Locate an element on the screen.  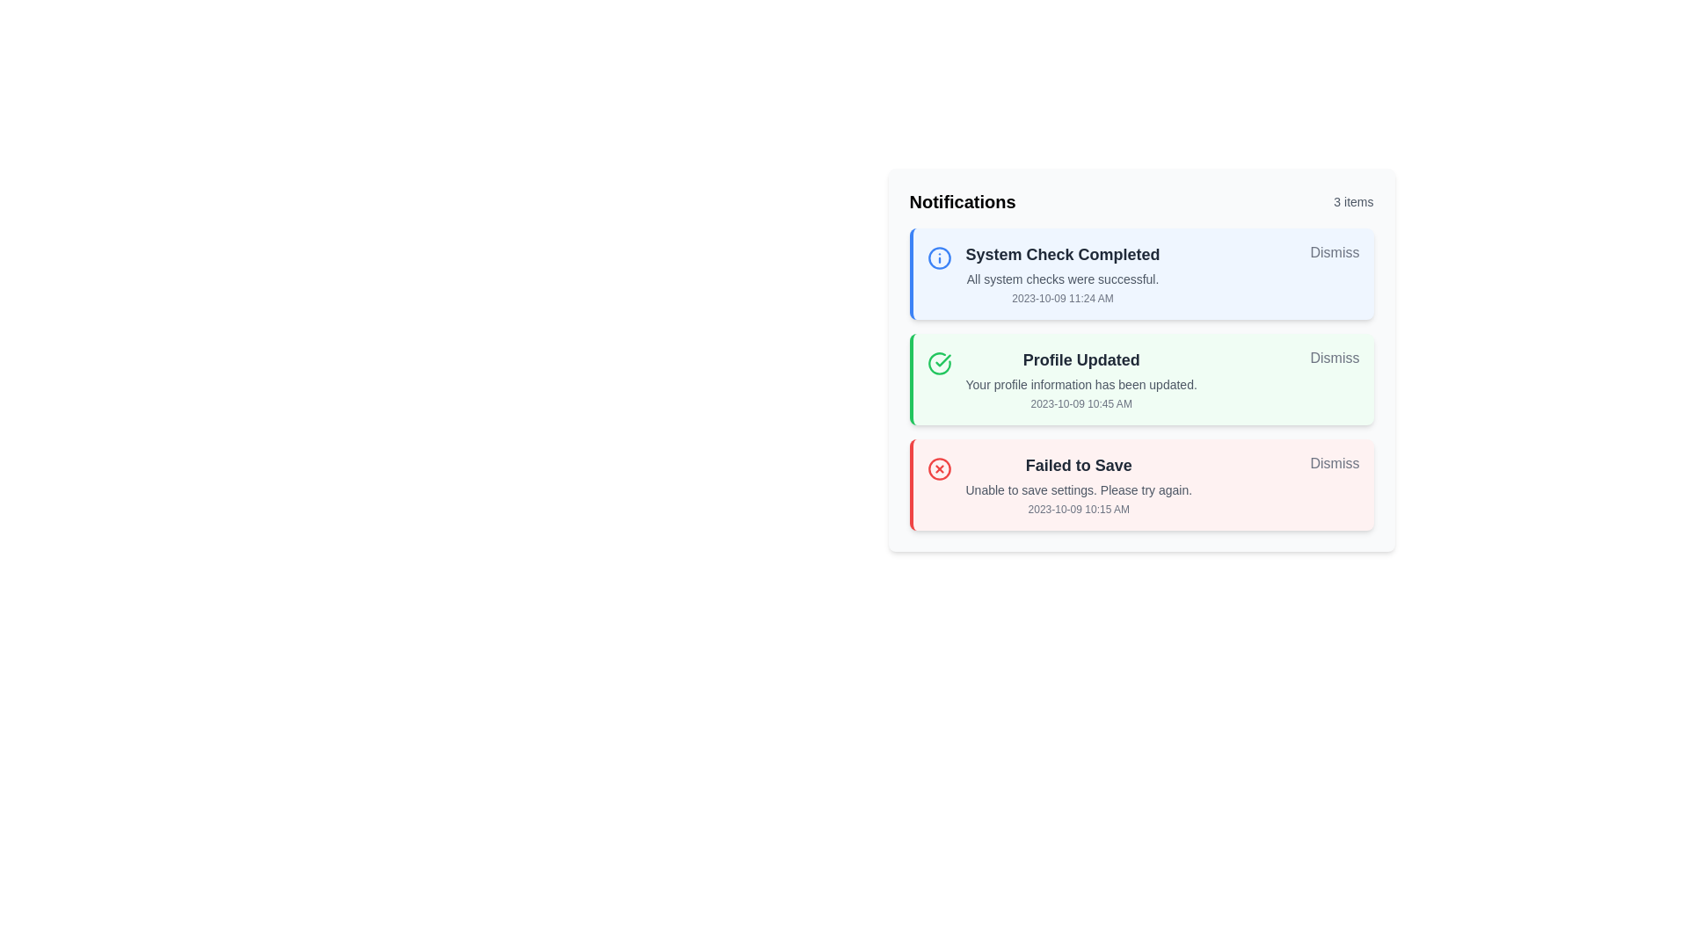
the central circular part of the visual icon component in the top notification box is located at coordinates (938, 257).